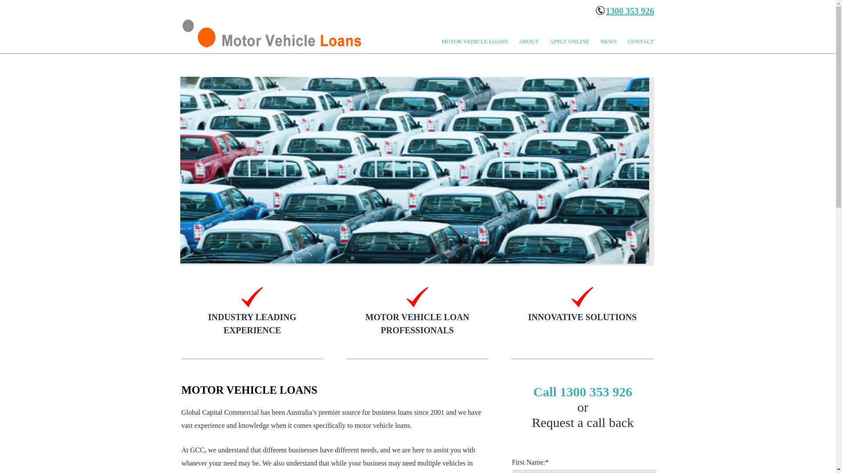 The width and height of the screenshot is (842, 473). What do you see at coordinates (273, 33) in the screenshot?
I see `'LOGO'` at bounding box center [273, 33].